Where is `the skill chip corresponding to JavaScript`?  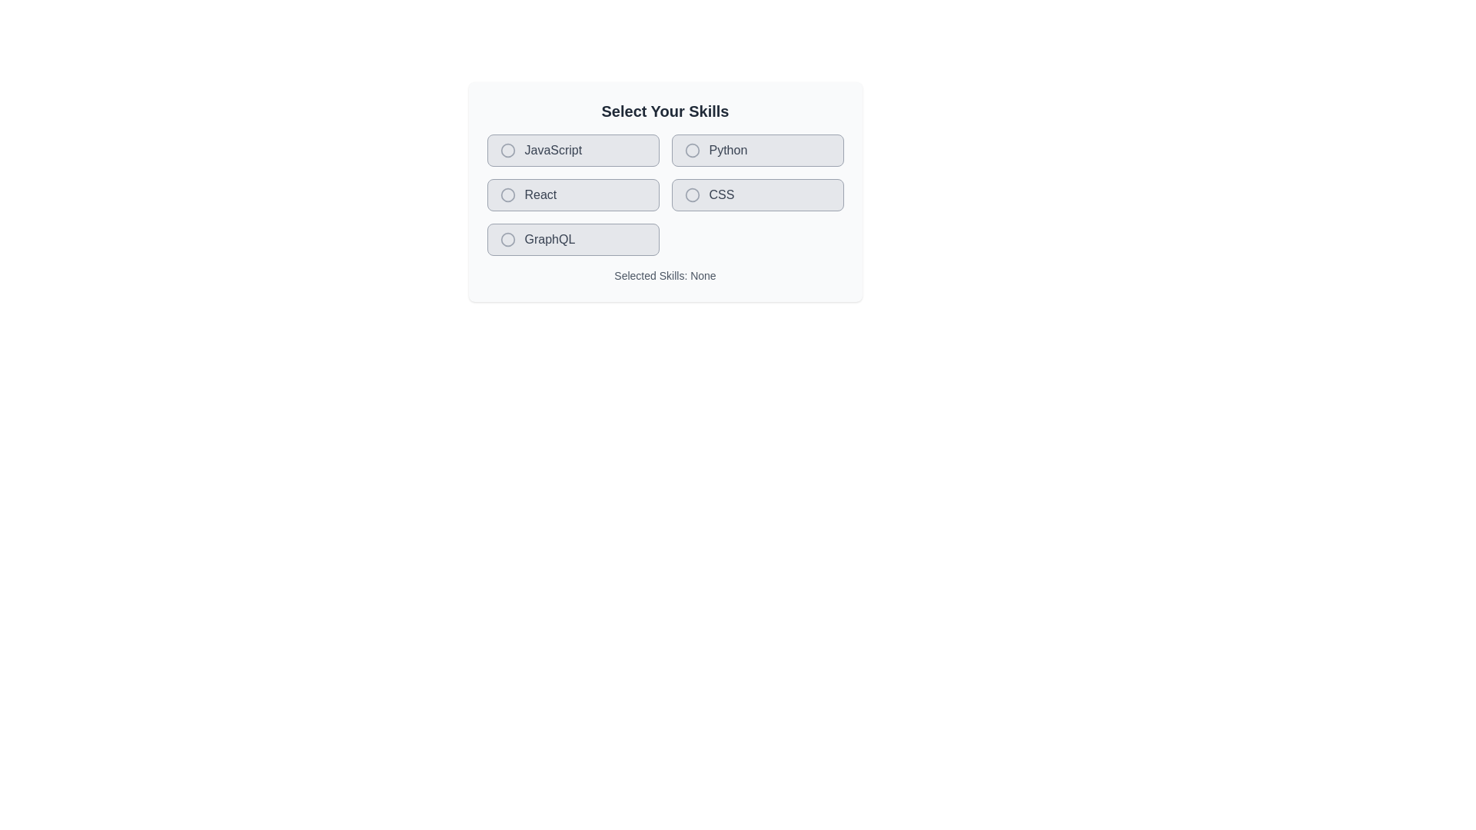
the skill chip corresponding to JavaScript is located at coordinates (572, 151).